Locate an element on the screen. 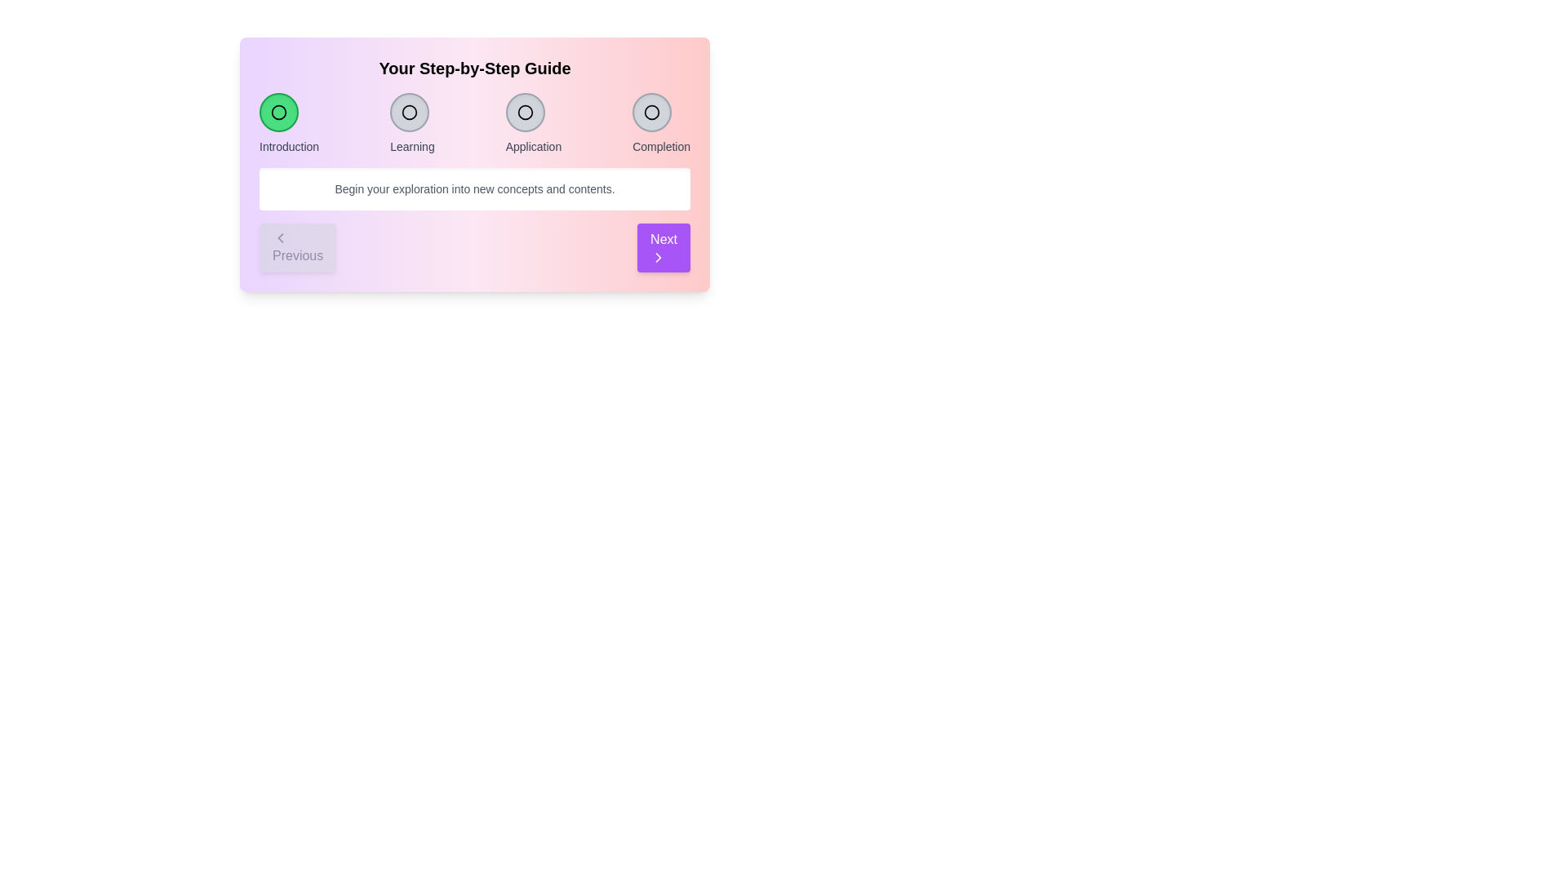 The height and width of the screenshot is (881, 1567). the innermost circular element of the icon indicative of the current step in the step-by-step guide interface is located at coordinates (278, 112).